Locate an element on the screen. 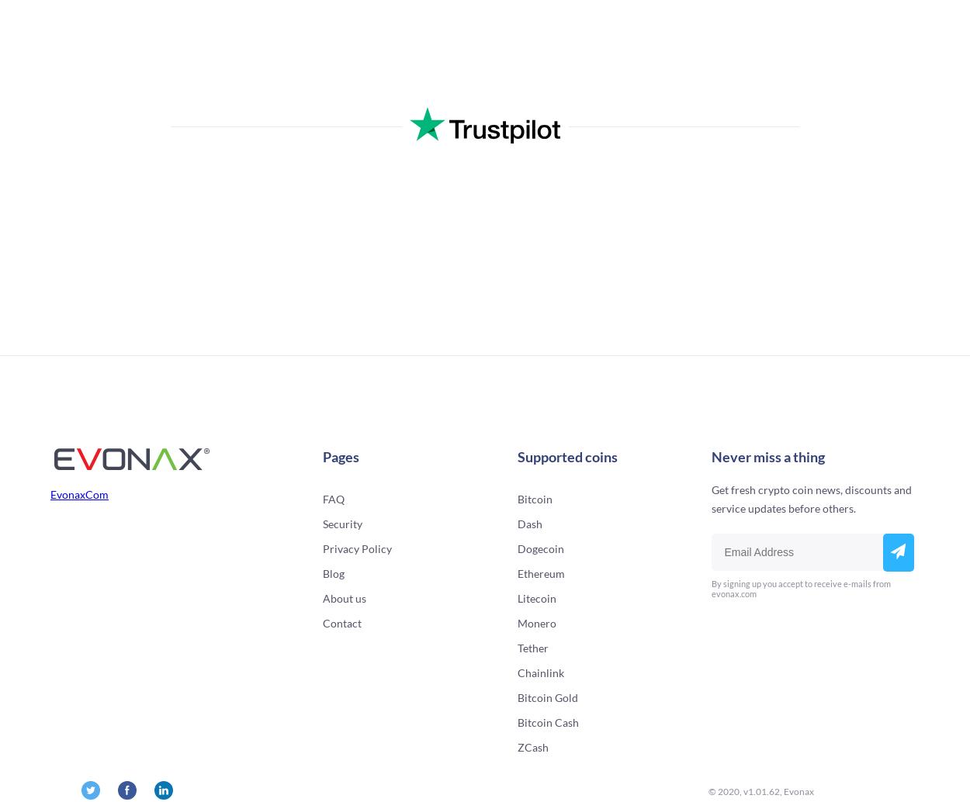  'Blog' is located at coordinates (333, 573).